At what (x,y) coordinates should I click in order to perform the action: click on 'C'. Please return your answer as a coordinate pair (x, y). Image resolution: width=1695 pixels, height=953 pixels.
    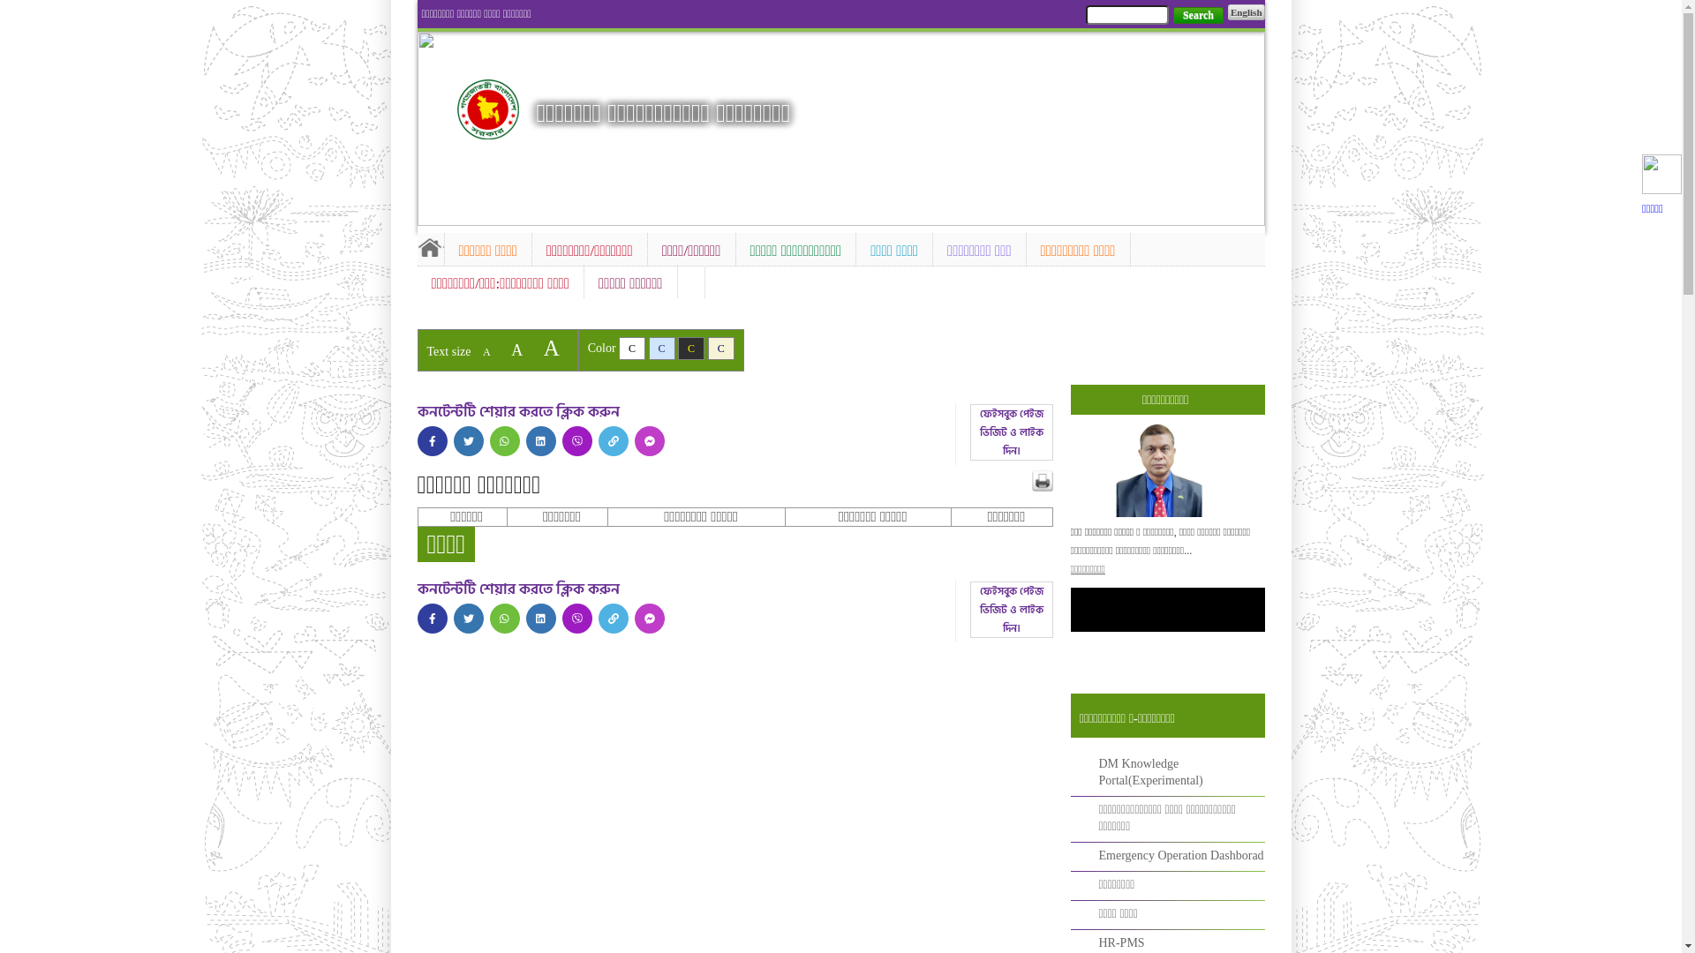
    Looking at the image, I should click on (689, 348).